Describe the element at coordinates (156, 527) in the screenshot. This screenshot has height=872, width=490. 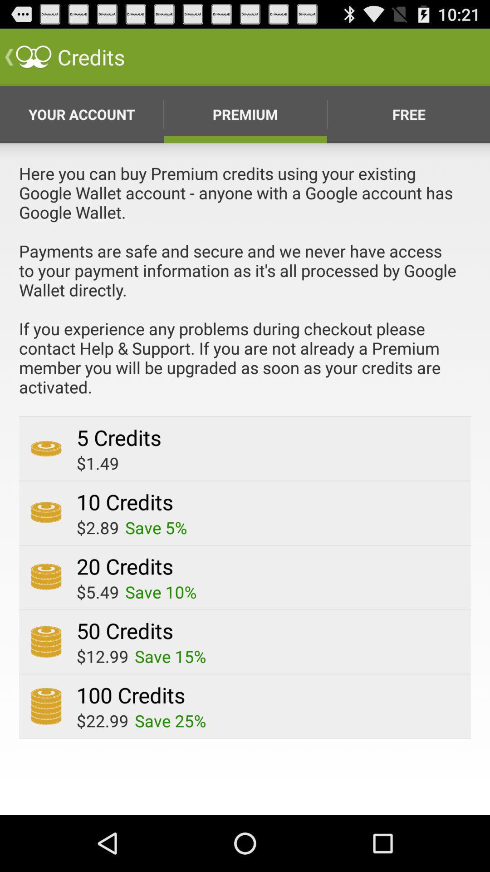
I see `the app above 20 credits icon` at that location.